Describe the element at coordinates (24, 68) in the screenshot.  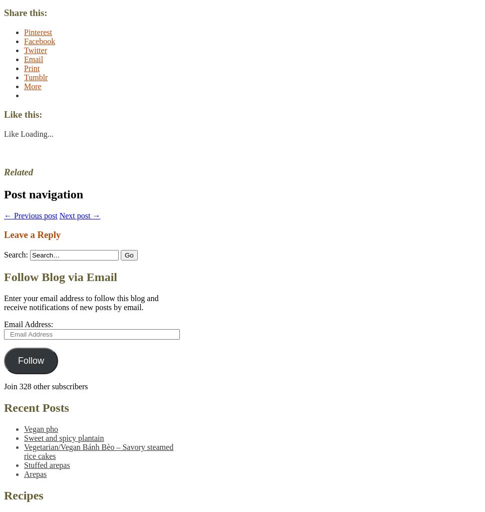
I see `'Print'` at that location.